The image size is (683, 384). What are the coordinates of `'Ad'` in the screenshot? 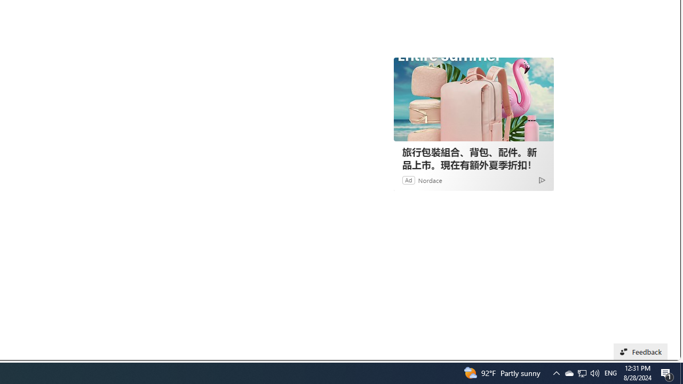 It's located at (408, 179).